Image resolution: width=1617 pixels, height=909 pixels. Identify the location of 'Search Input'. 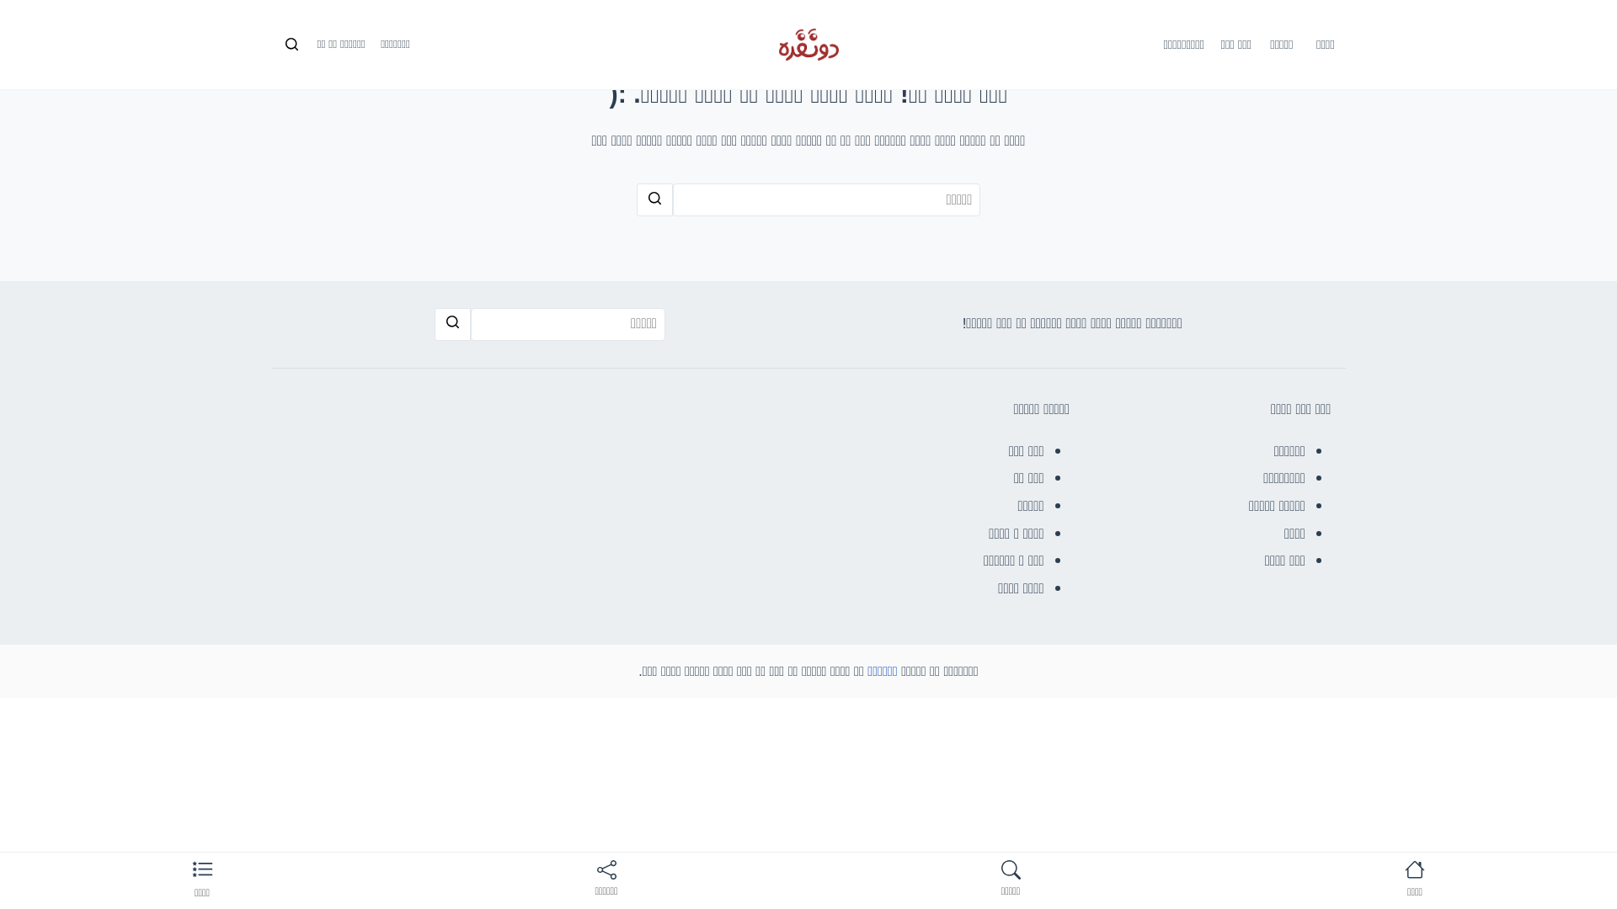
(827, 199).